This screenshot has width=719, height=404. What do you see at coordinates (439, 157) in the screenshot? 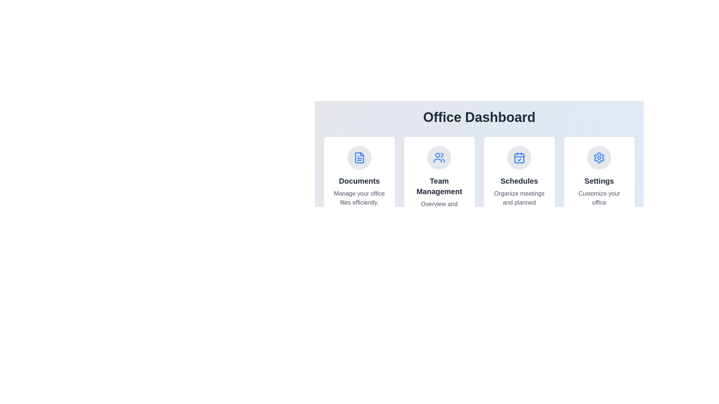
I see `the user icon with a blue outline representing Team Management, located centrally in the second card from the left below the Office Dashboard` at bounding box center [439, 157].